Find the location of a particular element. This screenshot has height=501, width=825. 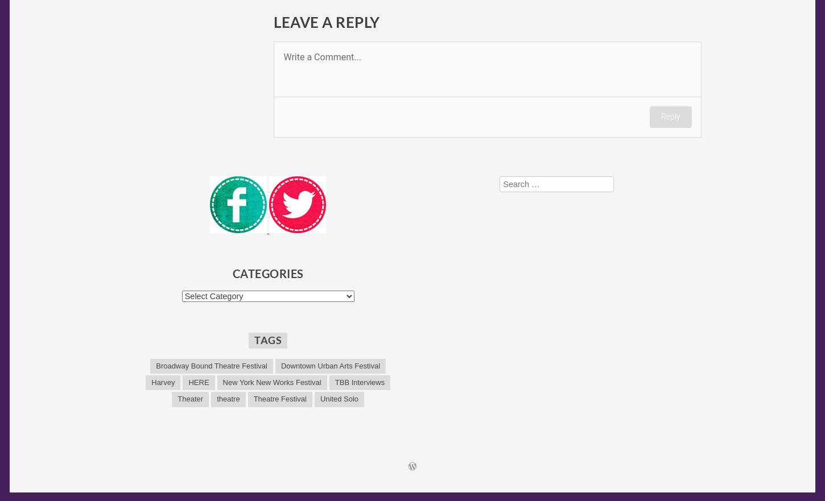

'TBB Interviews' is located at coordinates (359, 382).